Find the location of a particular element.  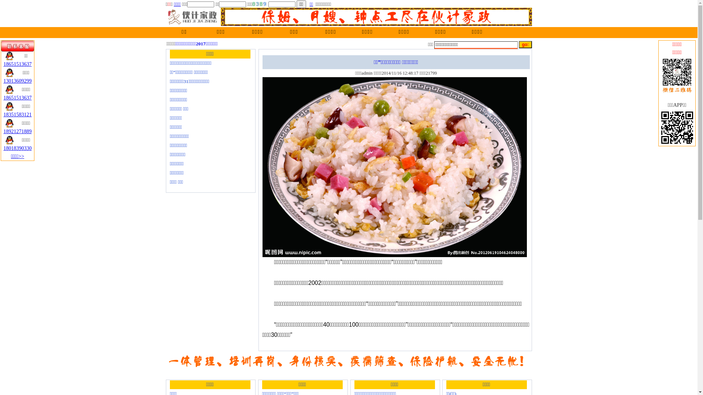

'18651513637' is located at coordinates (18, 97).